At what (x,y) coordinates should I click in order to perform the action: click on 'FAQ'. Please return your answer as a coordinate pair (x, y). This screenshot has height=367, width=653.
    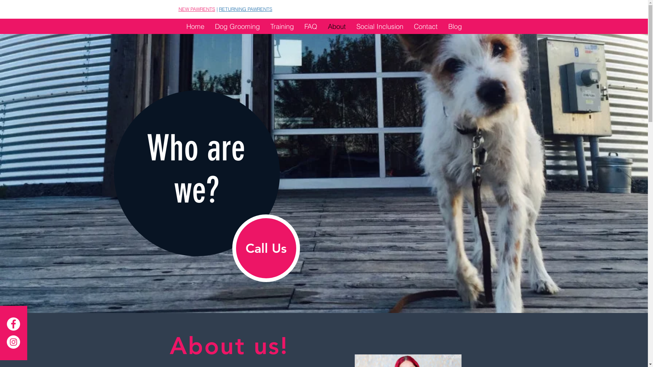
    Looking at the image, I should click on (310, 26).